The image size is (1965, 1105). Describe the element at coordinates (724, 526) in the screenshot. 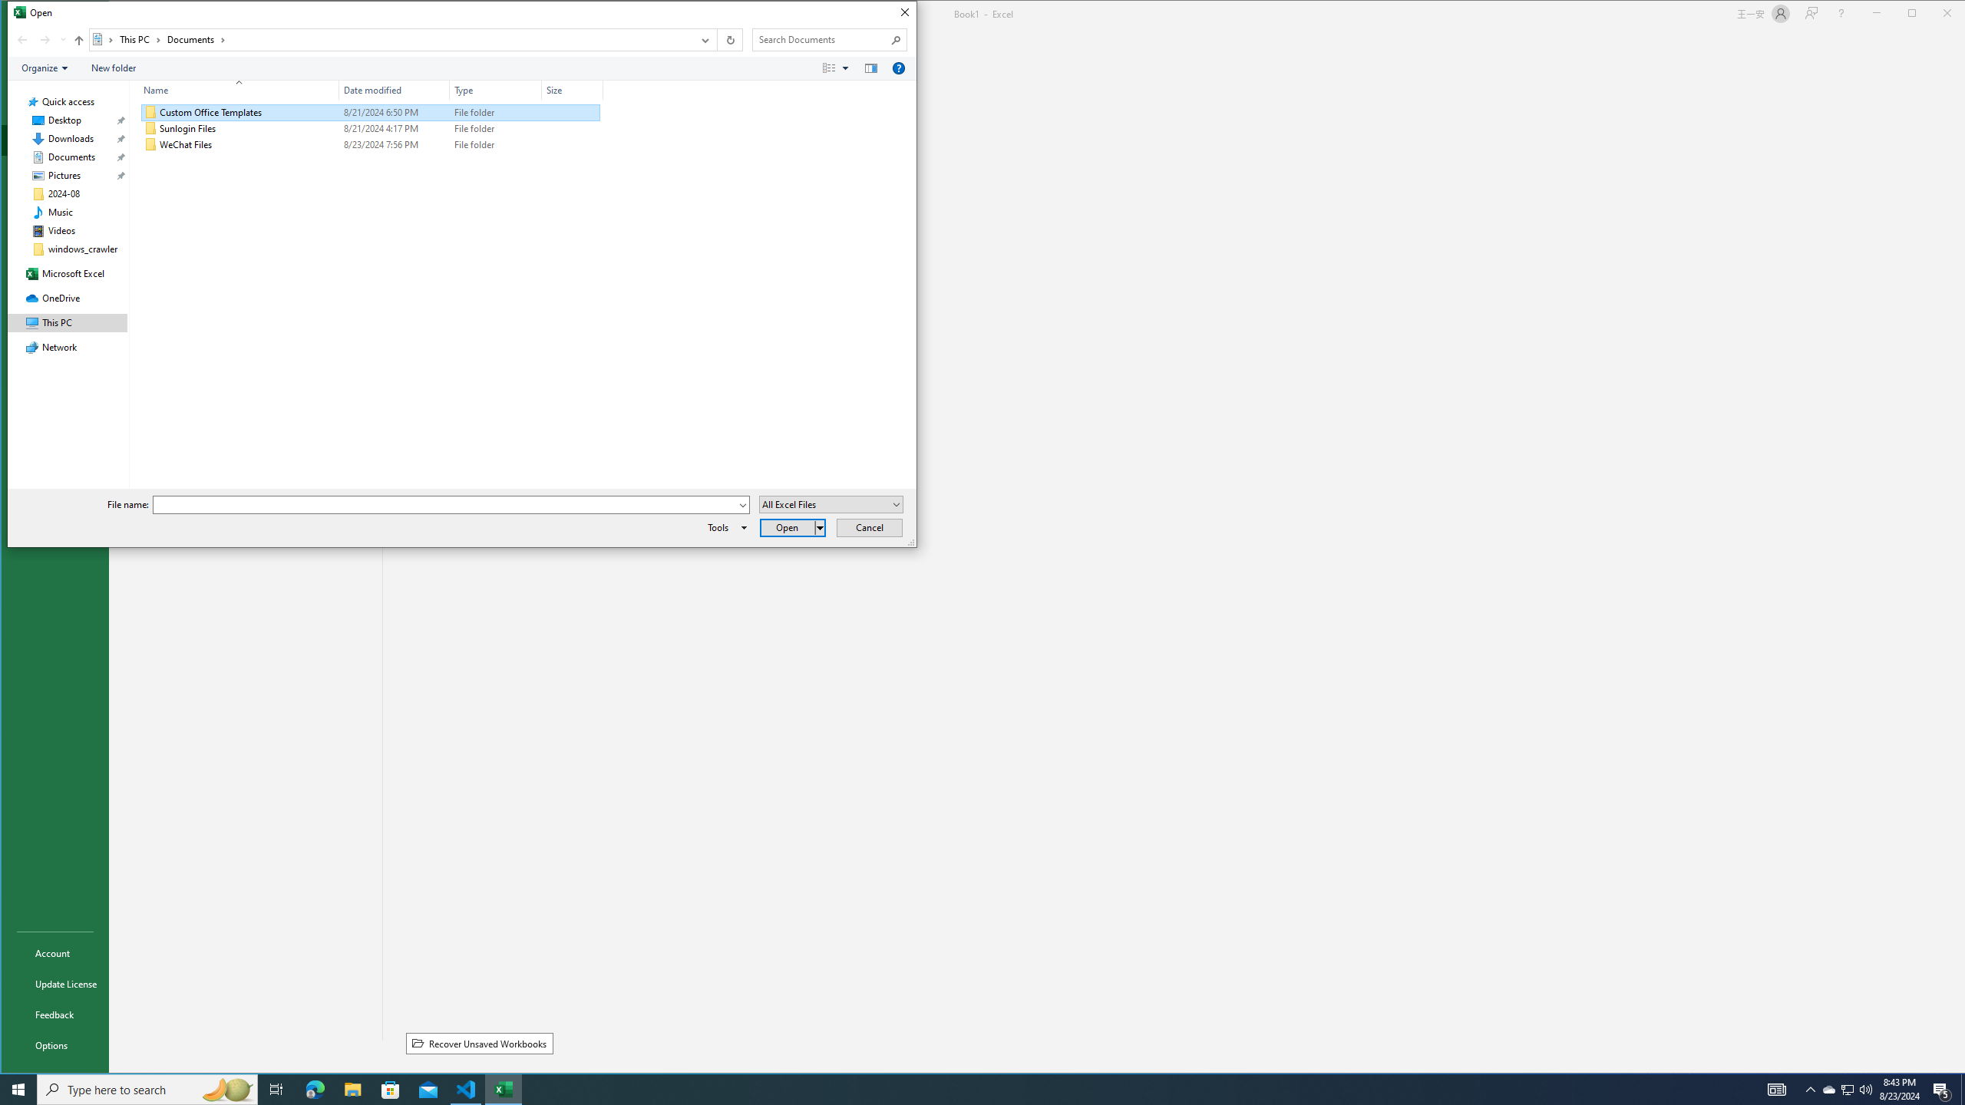

I see `'Tools'` at that location.